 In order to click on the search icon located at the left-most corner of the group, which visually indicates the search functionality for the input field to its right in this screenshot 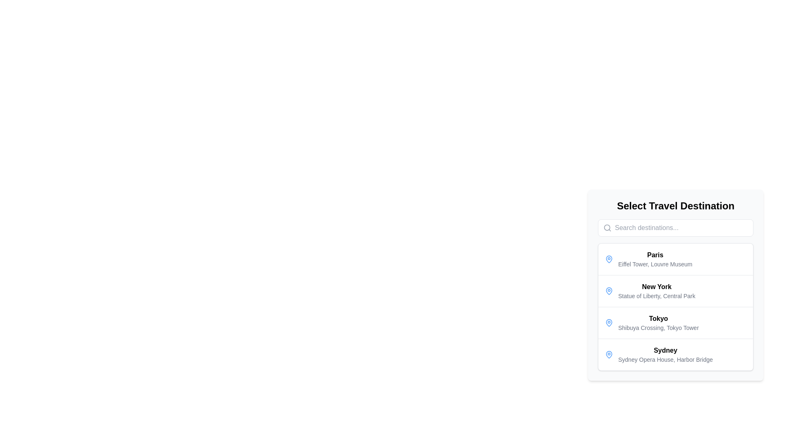, I will do `click(607, 228)`.